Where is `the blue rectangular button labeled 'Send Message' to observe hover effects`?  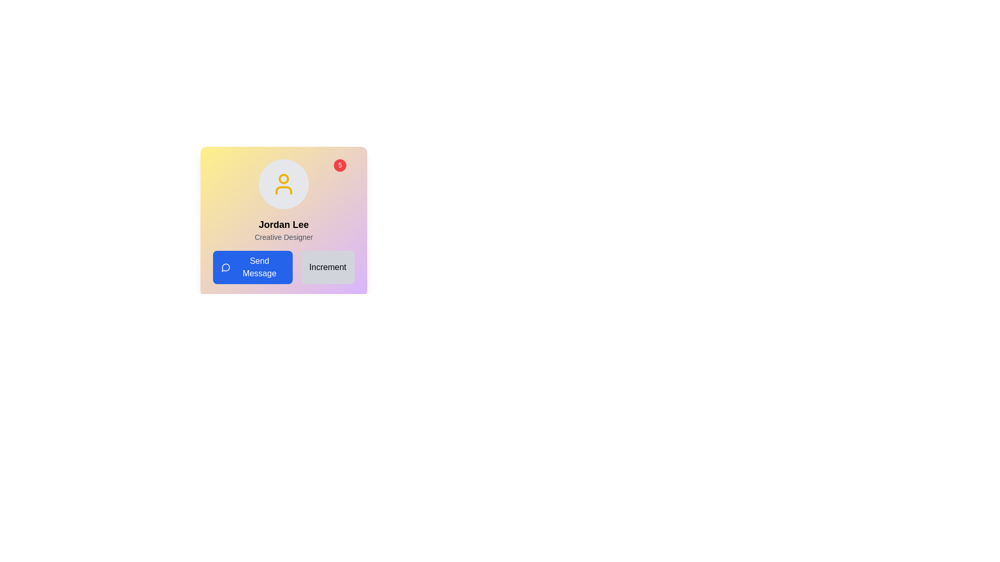 the blue rectangular button labeled 'Send Message' to observe hover effects is located at coordinates (253, 266).